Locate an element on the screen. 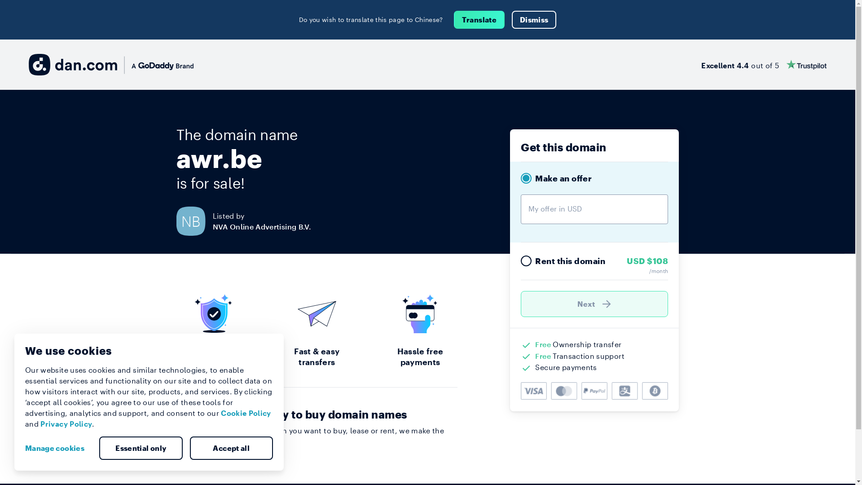  'Excellent 4.4 out of 5' is located at coordinates (763, 64).